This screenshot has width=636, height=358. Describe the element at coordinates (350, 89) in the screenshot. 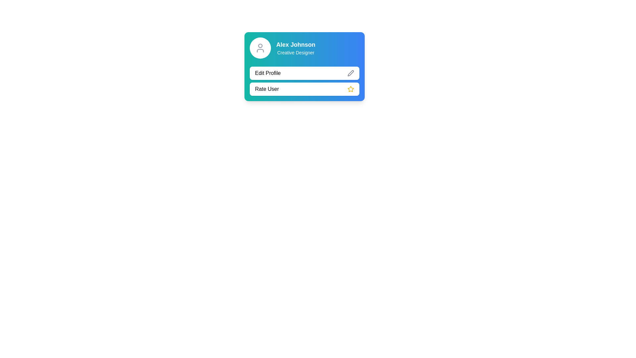

I see `the star-shaped icon with a yellow border and white center, which is located adjacent to the 'Rate User' button` at that location.